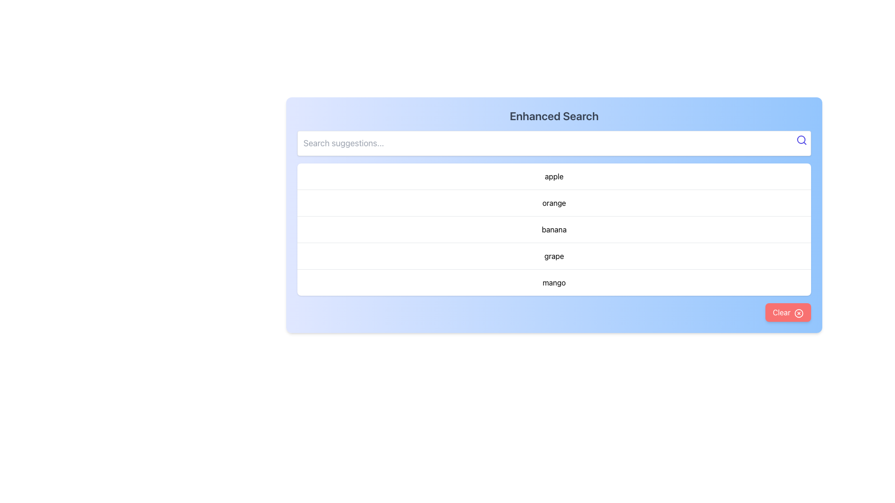 This screenshot has width=895, height=503. What do you see at coordinates (798, 313) in the screenshot?
I see `the interactive icon to the right of the 'Clear' text on the red button at the bottom right of the interface` at bounding box center [798, 313].